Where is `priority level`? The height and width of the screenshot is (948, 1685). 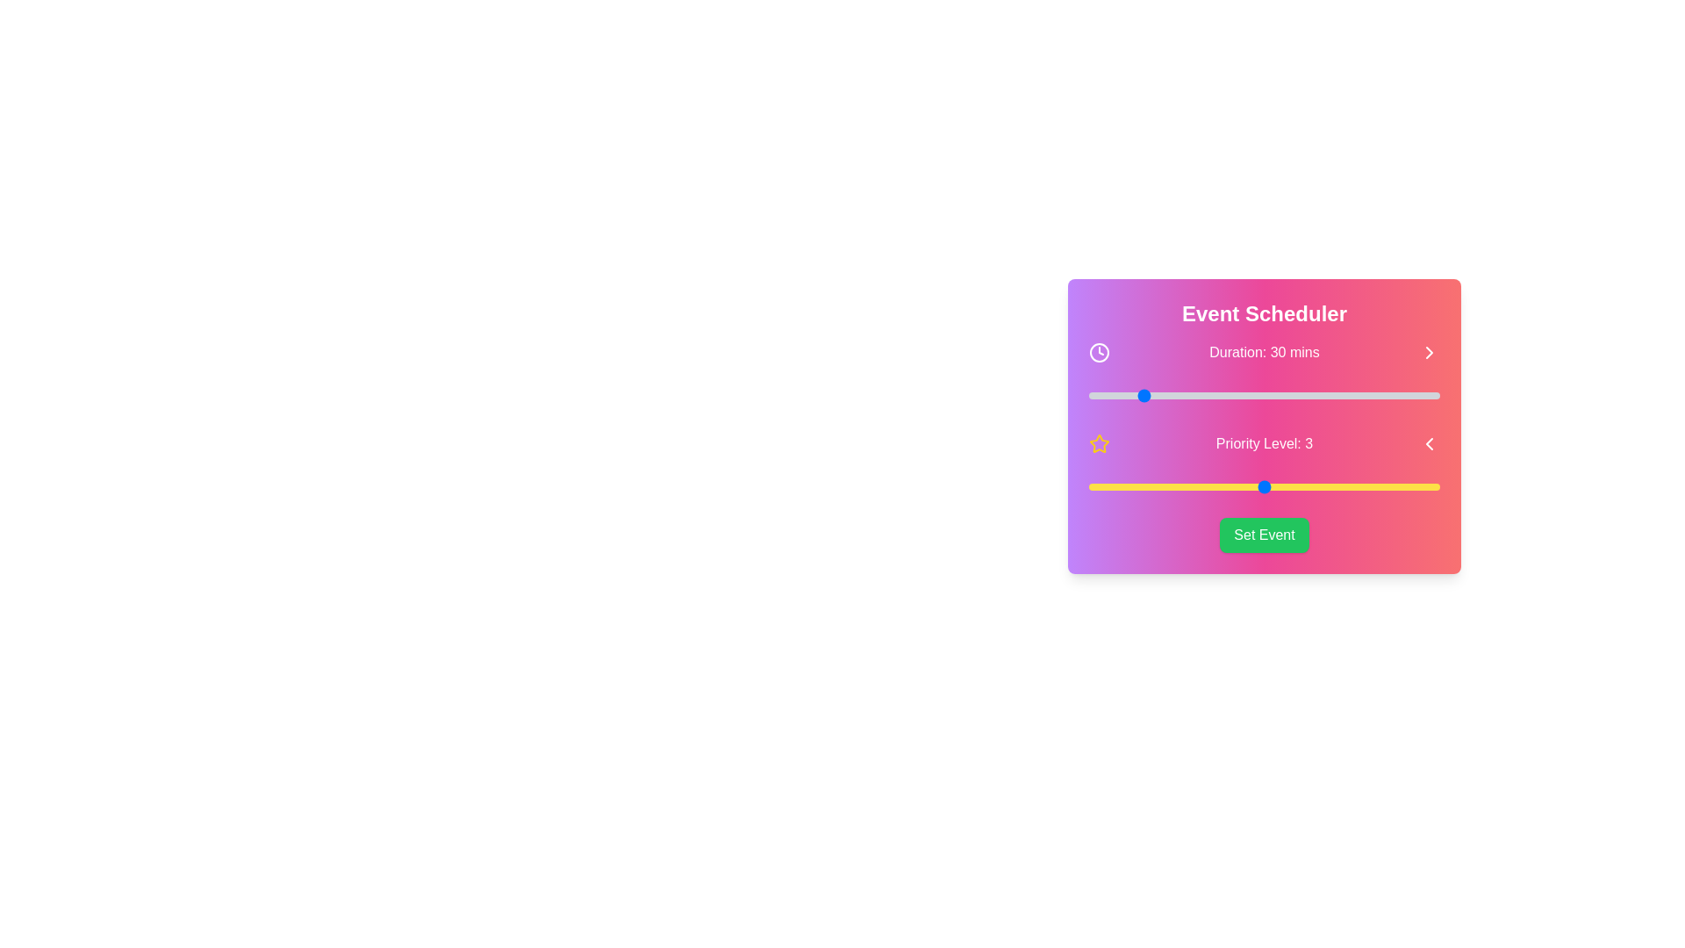 priority level is located at coordinates (1351, 487).